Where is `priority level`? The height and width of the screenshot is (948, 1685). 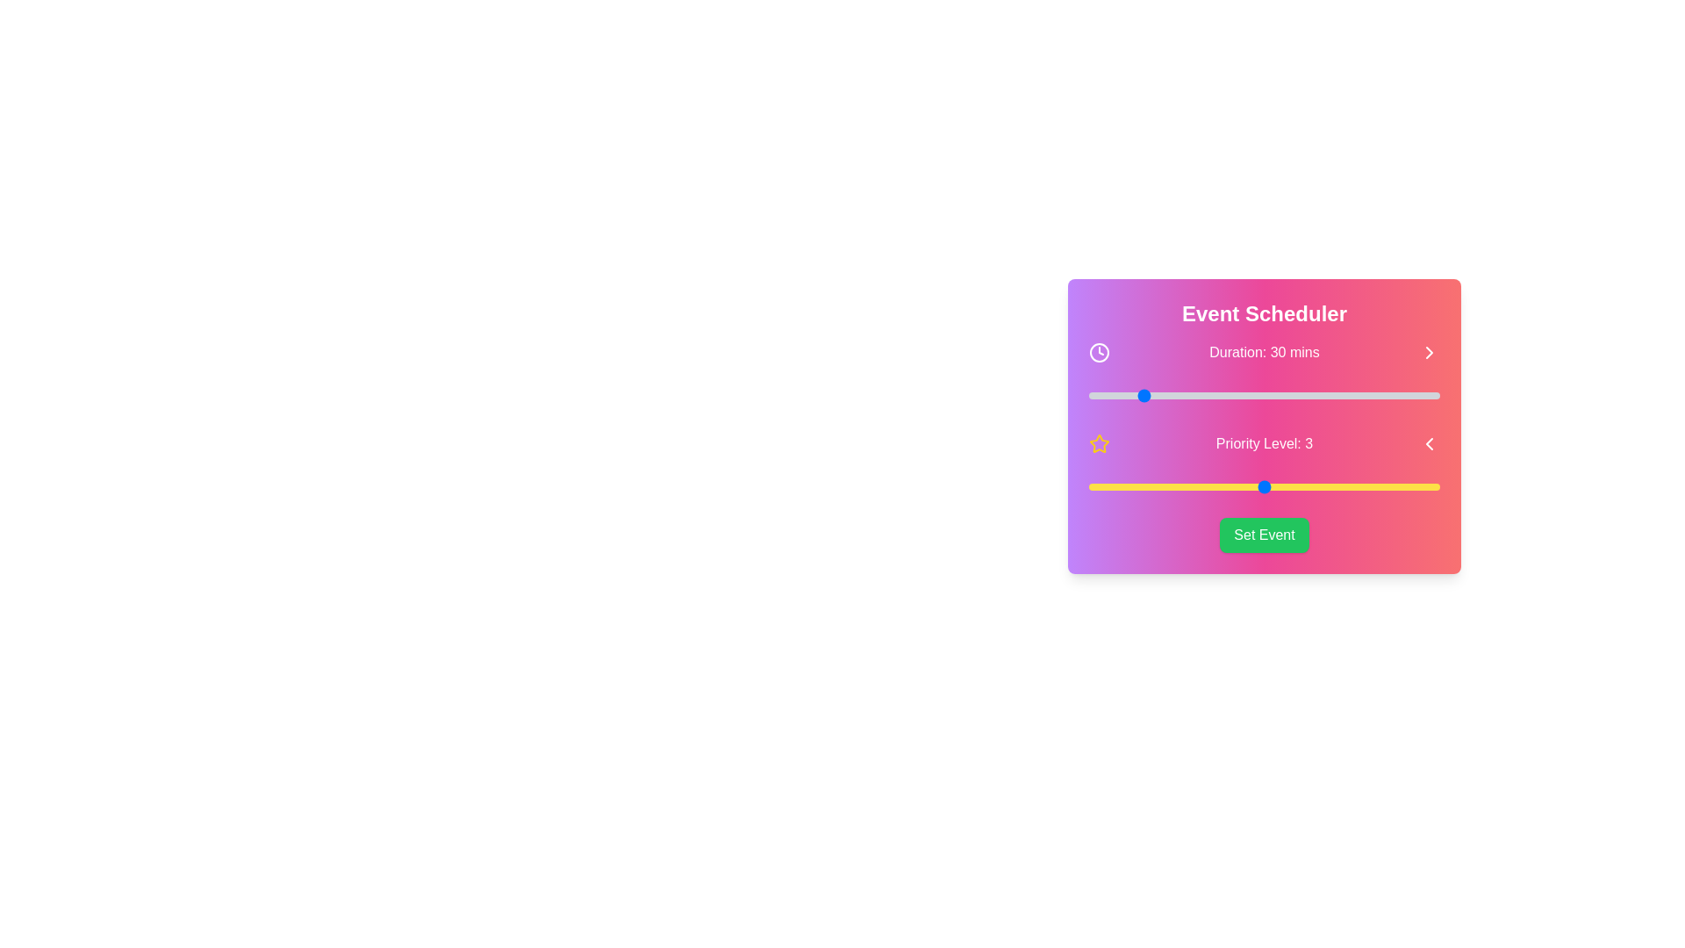 priority level is located at coordinates (1351, 487).